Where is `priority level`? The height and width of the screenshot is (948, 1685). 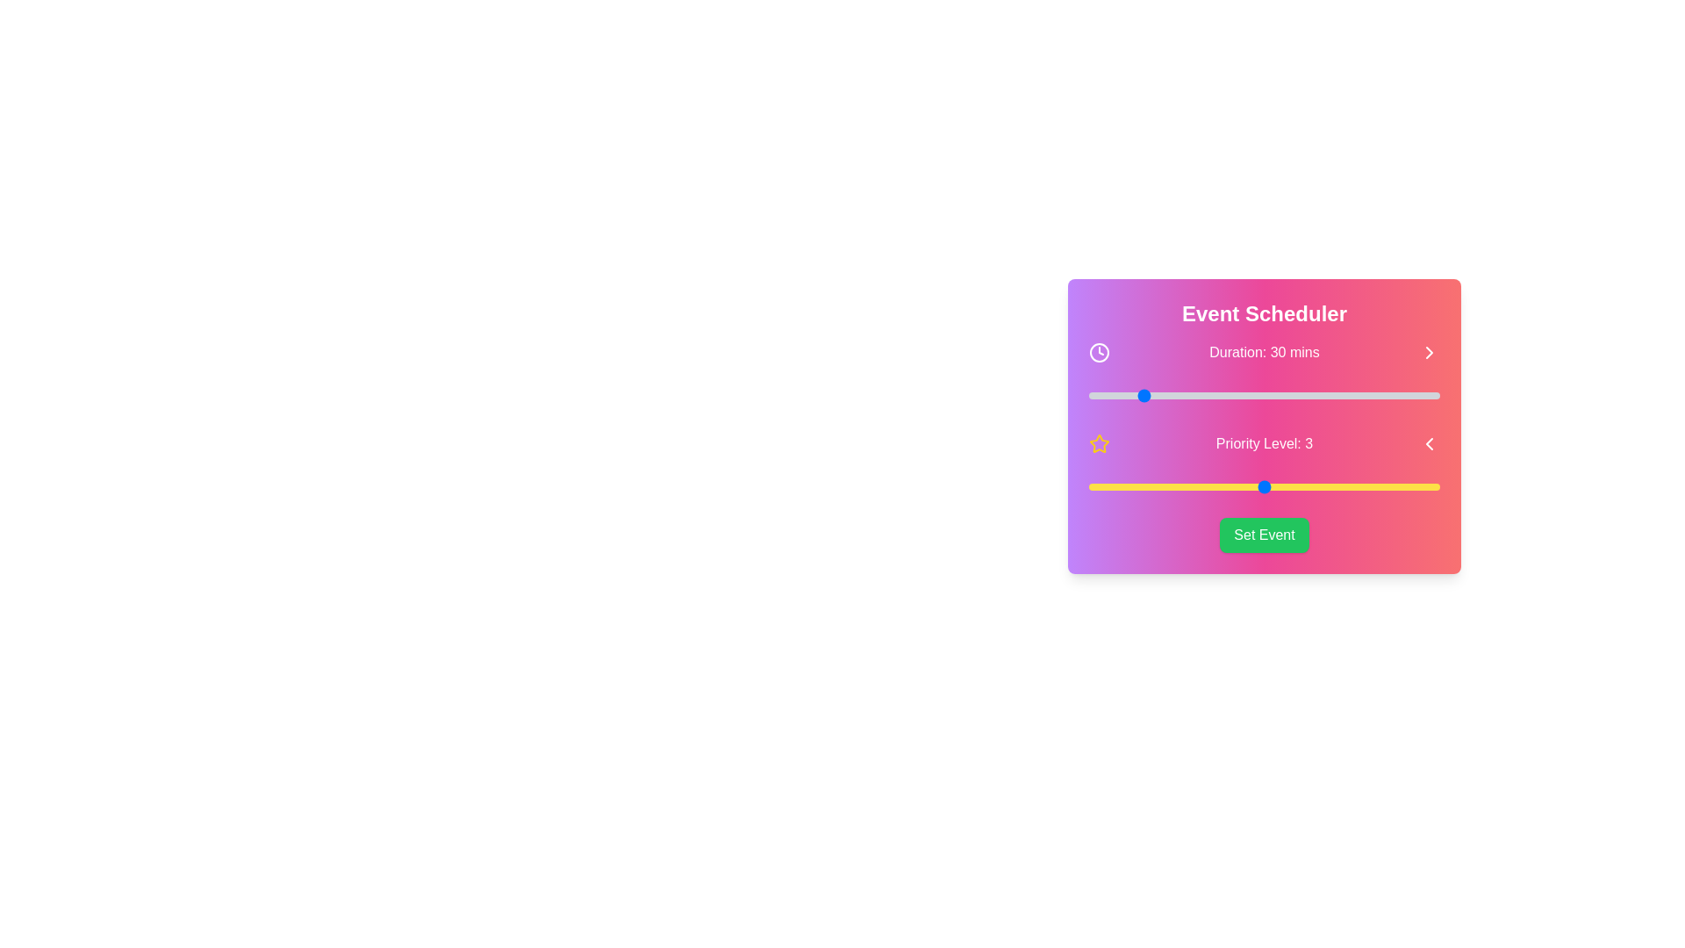 priority level is located at coordinates (1351, 487).